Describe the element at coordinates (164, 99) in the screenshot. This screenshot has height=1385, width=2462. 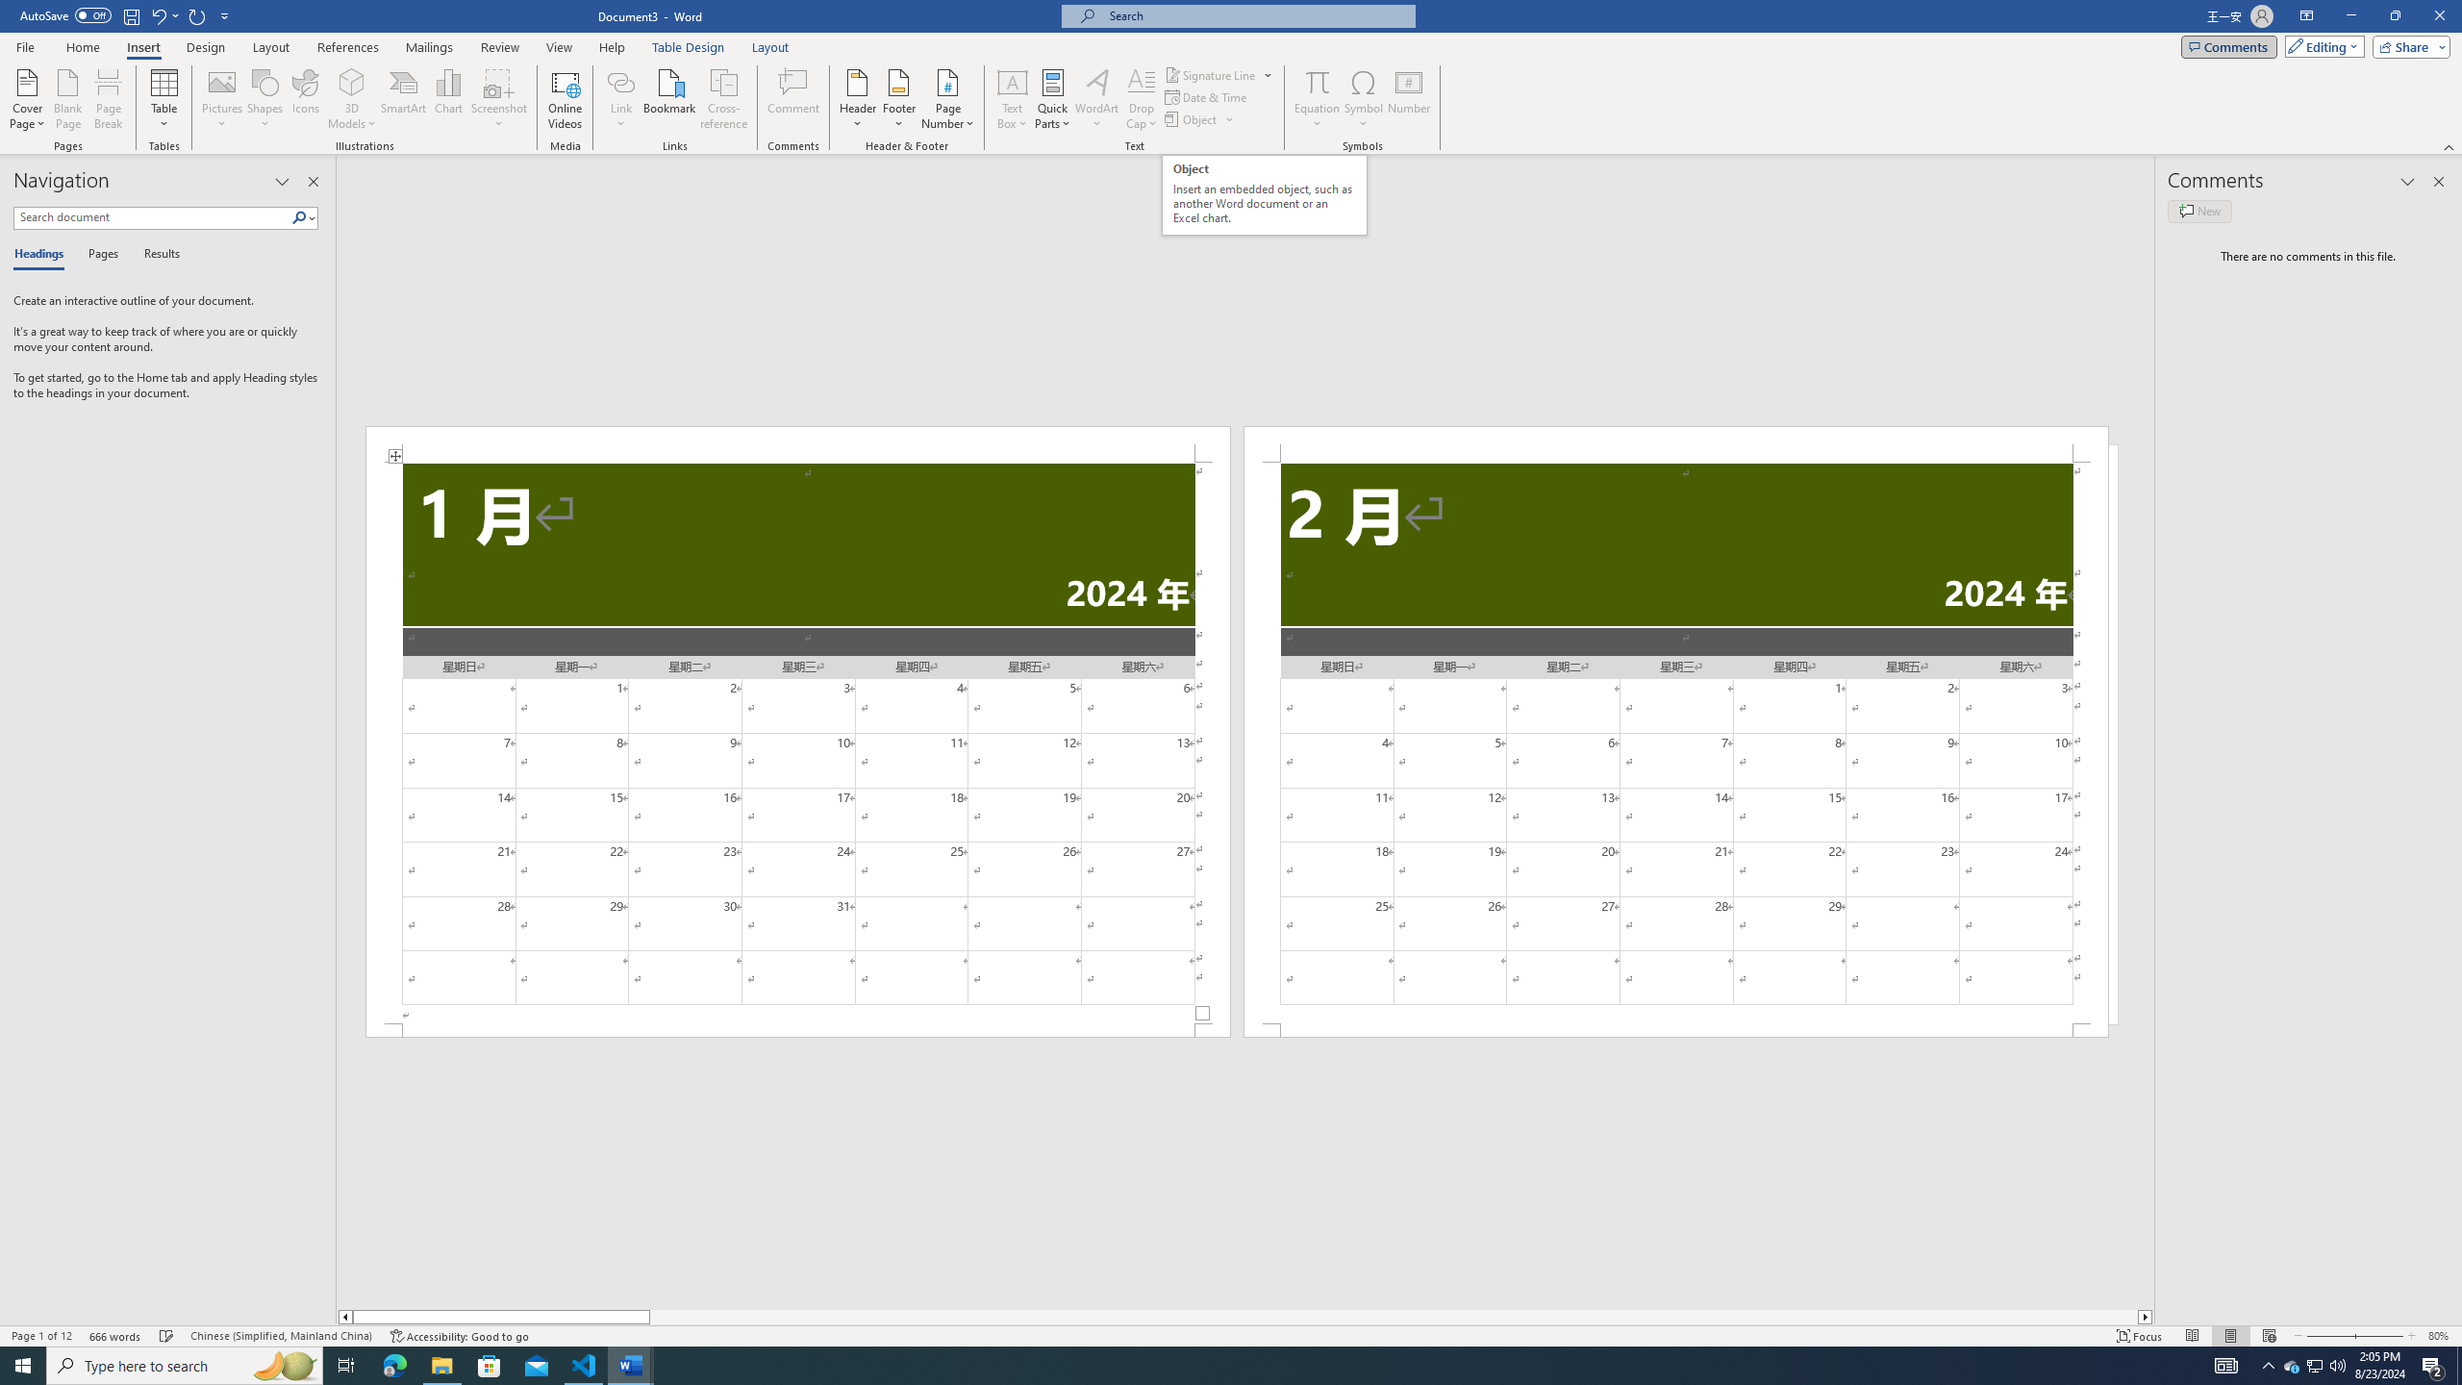
I see `'Table'` at that location.